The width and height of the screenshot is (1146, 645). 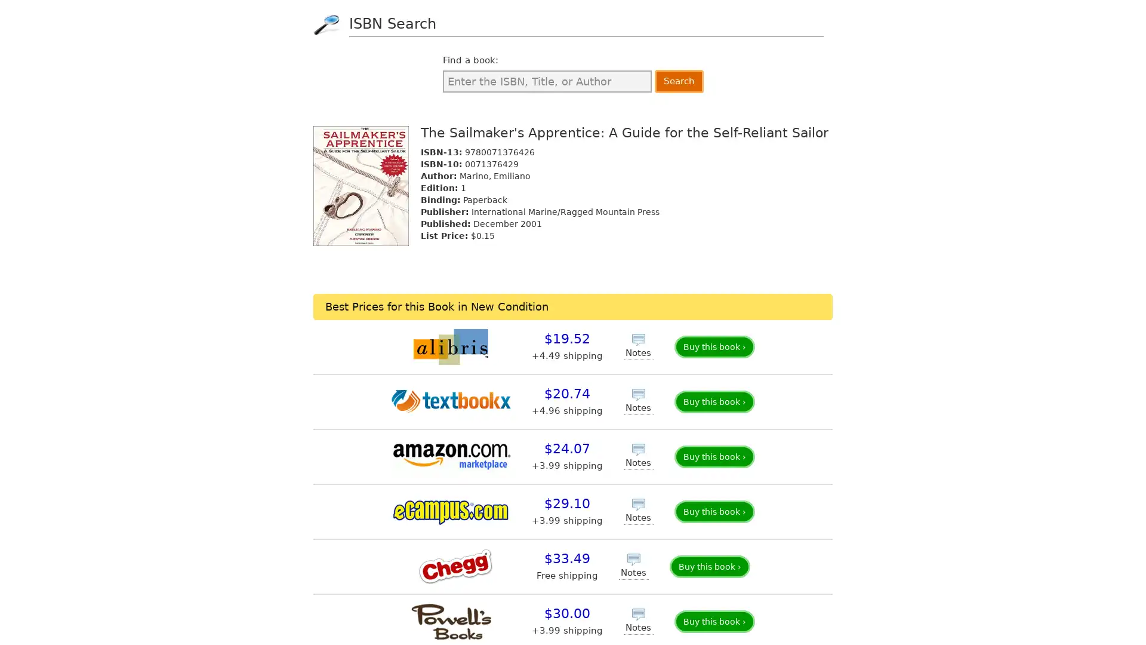 What do you see at coordinates (679, 81) in the screenshot?
I see `Search` at bounding box center [679, 81].